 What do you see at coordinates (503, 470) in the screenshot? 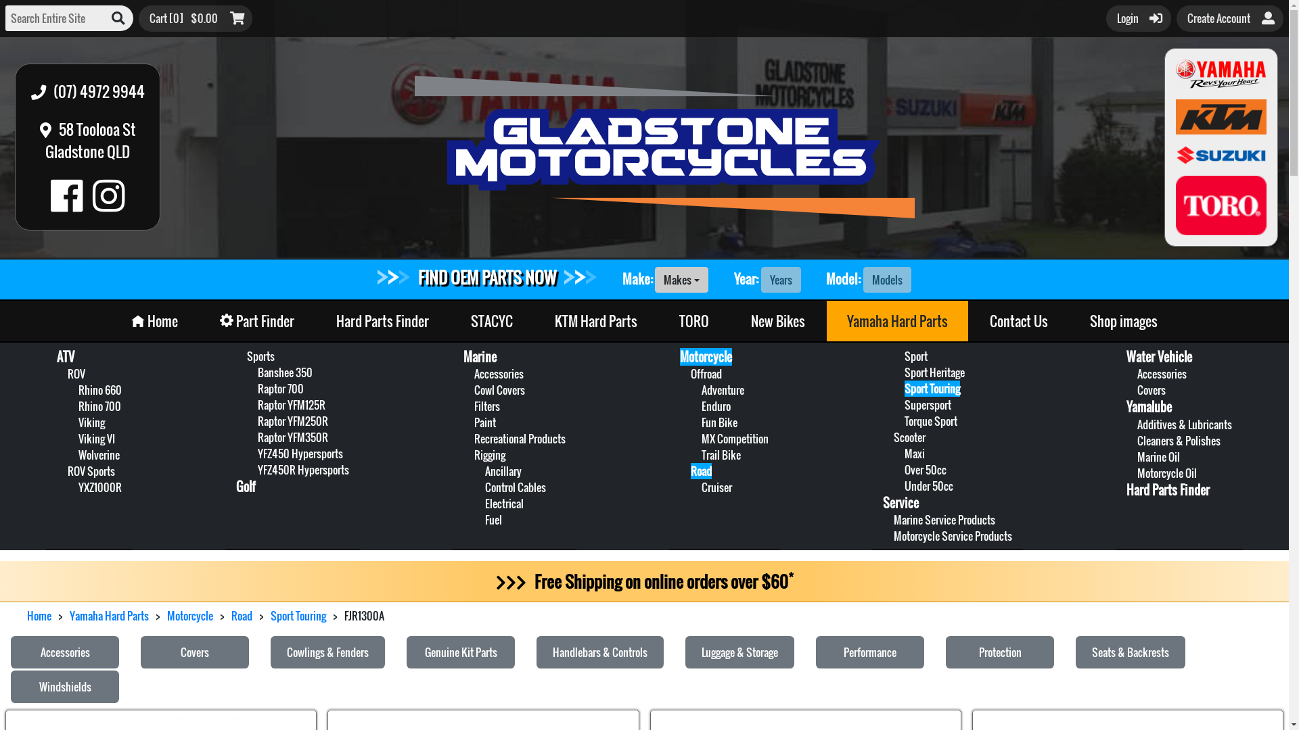
I see `'Ancillary'` at bounding box center [503, 470].